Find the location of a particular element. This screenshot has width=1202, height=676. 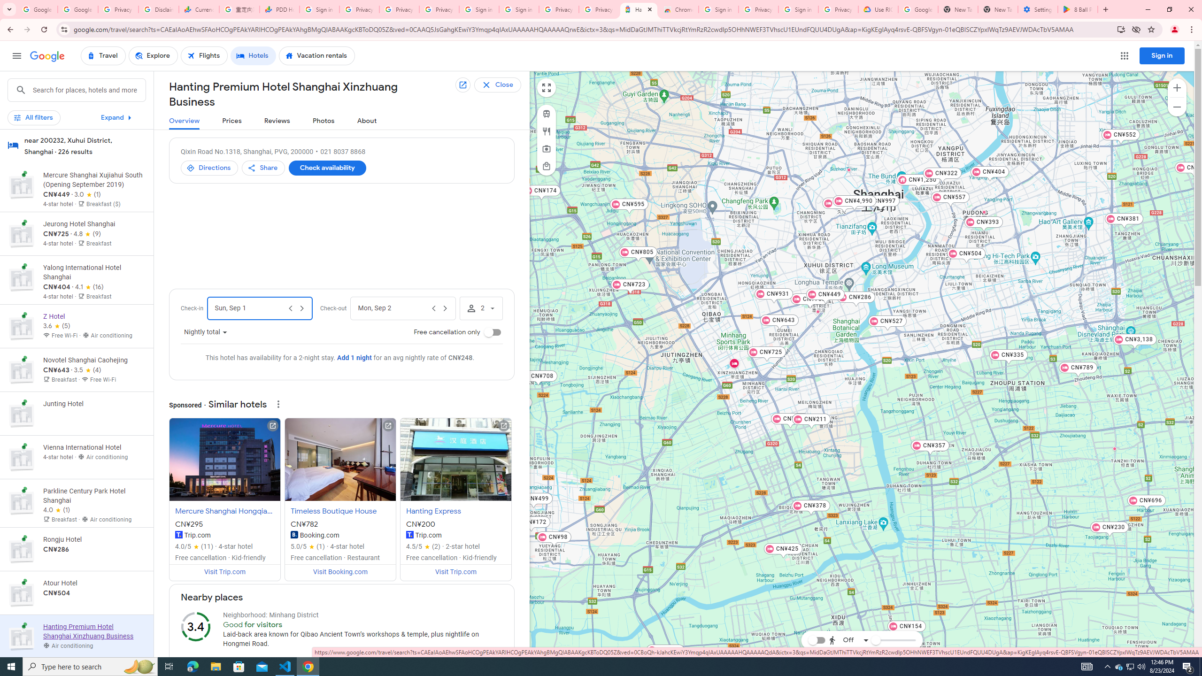

'Expand' is located at coordinates (117, 117).